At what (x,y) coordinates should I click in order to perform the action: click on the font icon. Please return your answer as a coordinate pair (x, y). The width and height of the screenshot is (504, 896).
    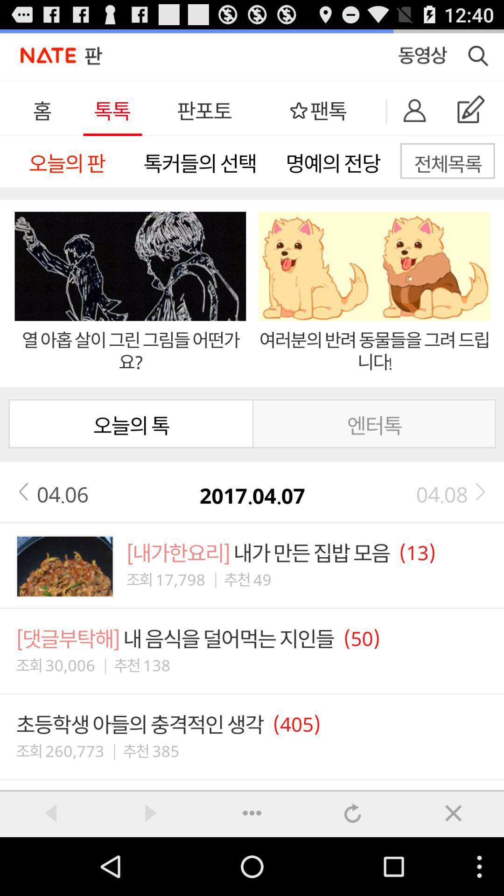
    Looking at the image, I should click on (453, 869).